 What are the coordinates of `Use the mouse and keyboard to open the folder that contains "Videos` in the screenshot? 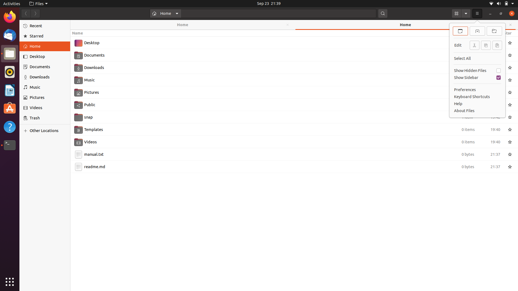 It's located at (288, 141).